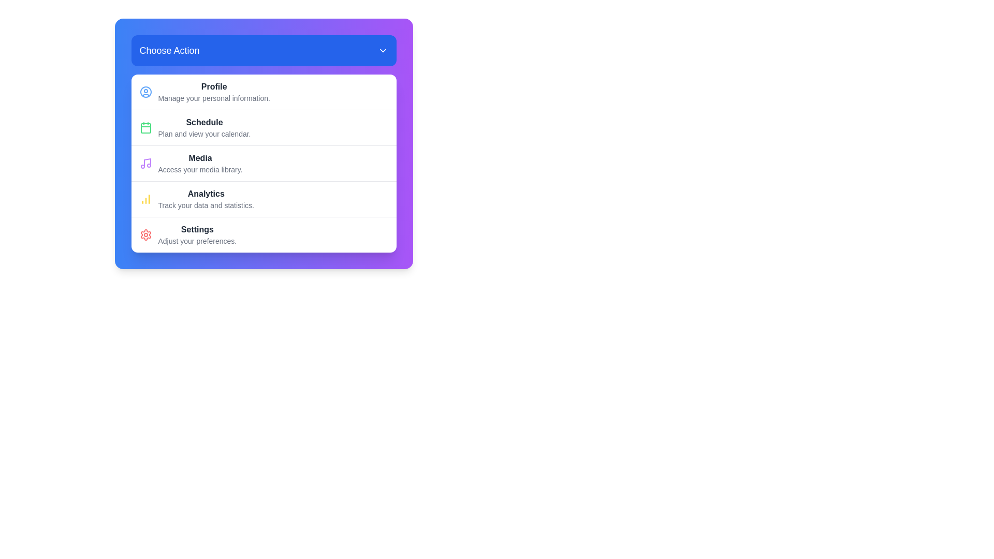 The height and width of the screenshot is (559, 994). I want to click on the calendar icon with a green border and white background, located to the left of the 'Schedule' label in the second row under 'Choose Action', so click(145, 127).